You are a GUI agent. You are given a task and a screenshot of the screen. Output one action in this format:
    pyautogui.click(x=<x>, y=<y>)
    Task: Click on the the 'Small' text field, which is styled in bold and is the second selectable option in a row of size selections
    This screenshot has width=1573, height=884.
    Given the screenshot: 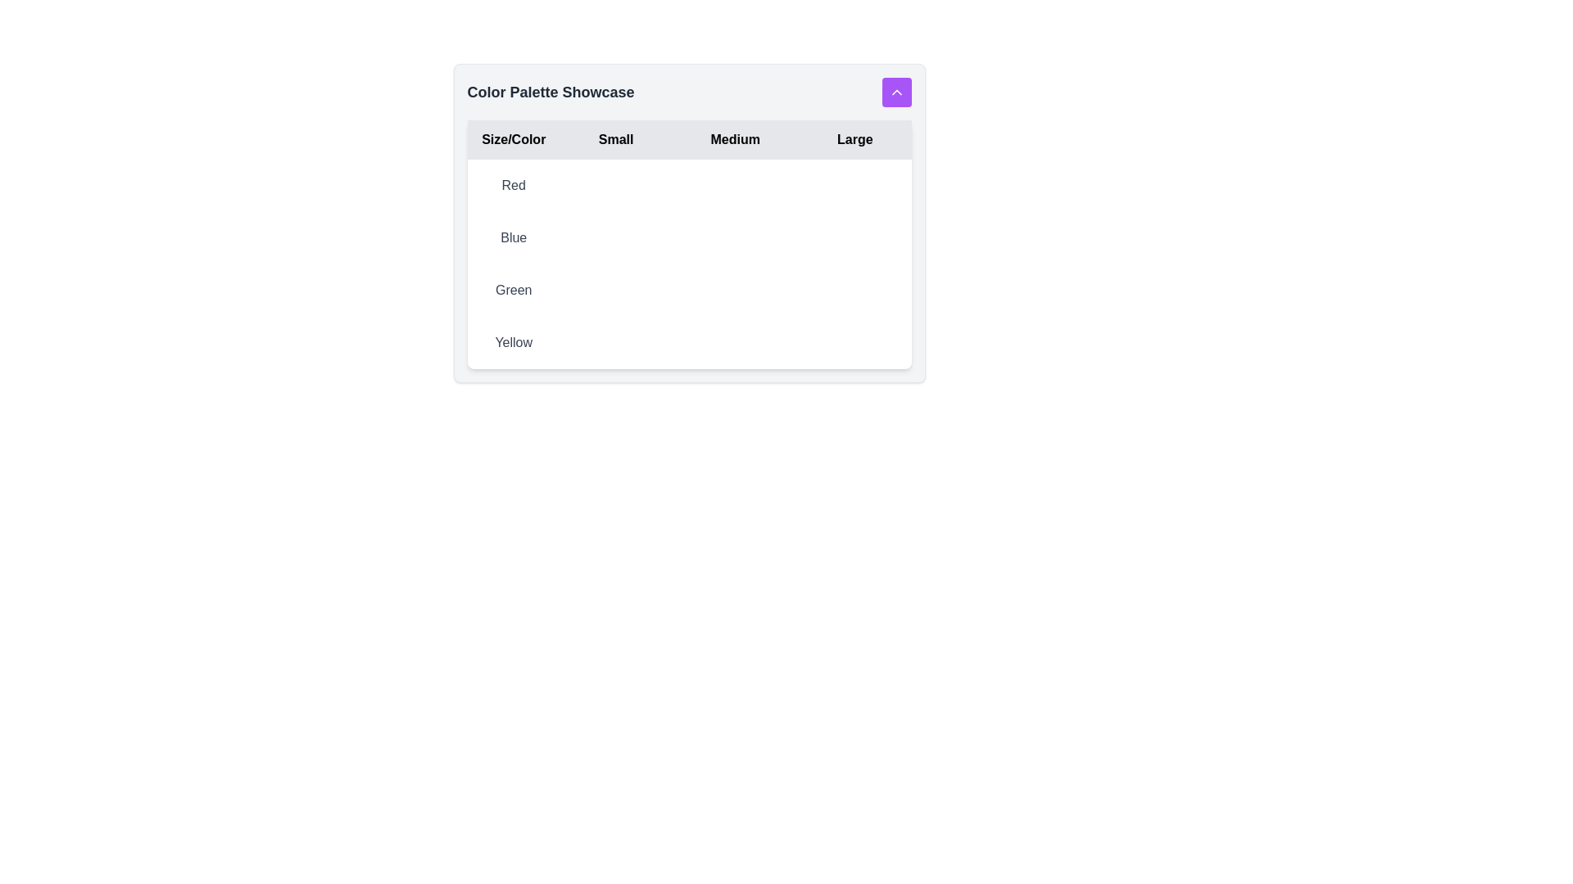 What is the action you would take?
    pyautogui.click(x=615, y=138)
    